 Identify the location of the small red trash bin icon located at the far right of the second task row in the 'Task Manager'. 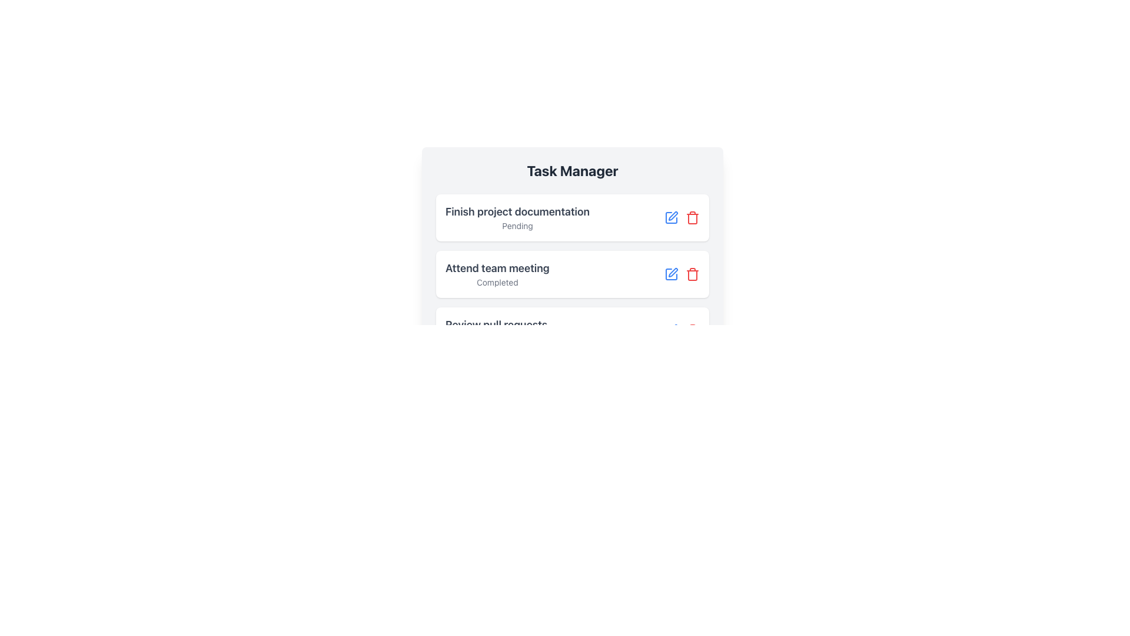
(692, 218).